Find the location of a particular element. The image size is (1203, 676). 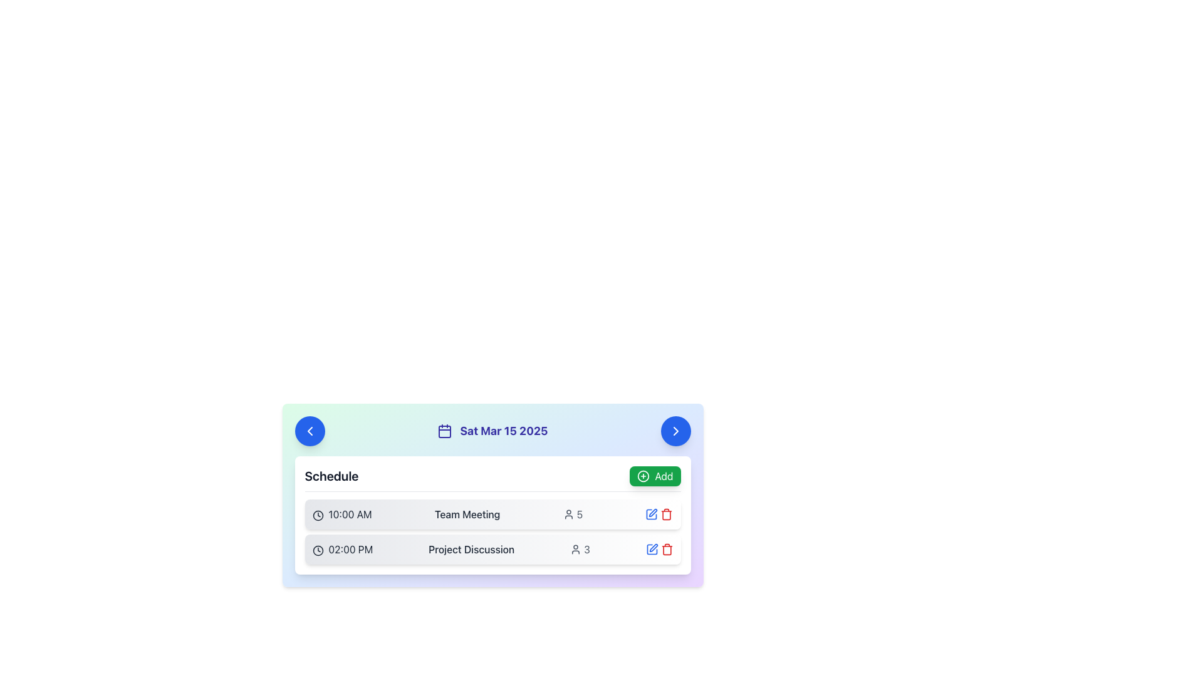

the Edit icon, which is a rectangular icon with a pen symbol, located to the right of the task 'Project Discussion' in the second row of the task scheduling interface is located at coordinates (652, 549).